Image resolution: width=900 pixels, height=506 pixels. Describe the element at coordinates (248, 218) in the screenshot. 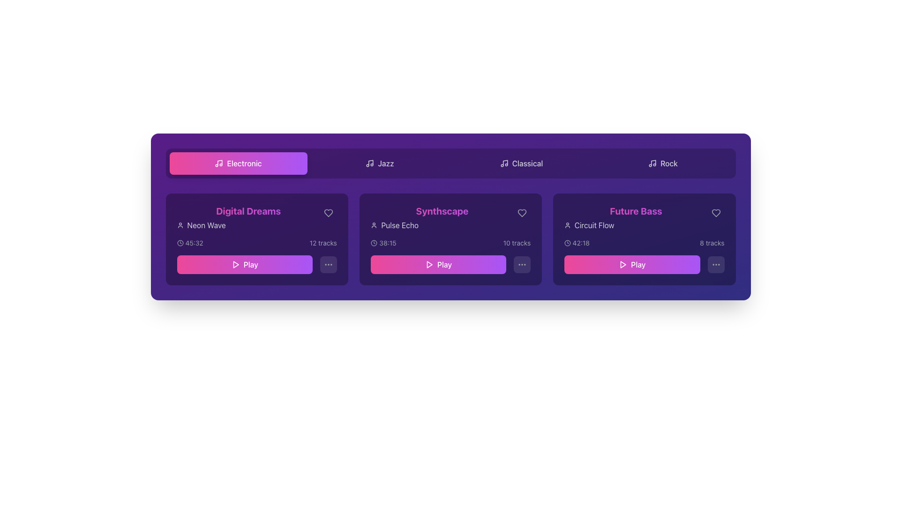

I see `the text block displaying 'Digital Dreams' and 'Neon Wave' for potential interactions` at that location.